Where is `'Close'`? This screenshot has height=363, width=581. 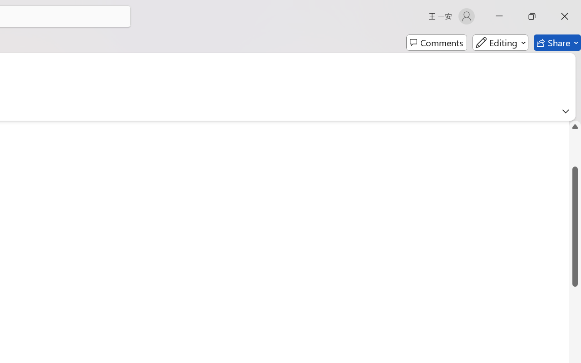
'Close' is located at coordinates (564, 16).